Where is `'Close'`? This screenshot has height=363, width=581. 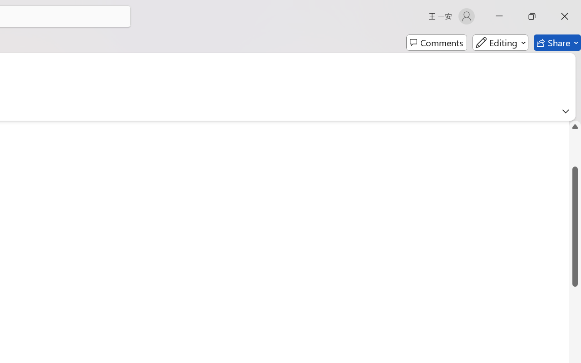
'Close' is located at coordinates (564, 16).